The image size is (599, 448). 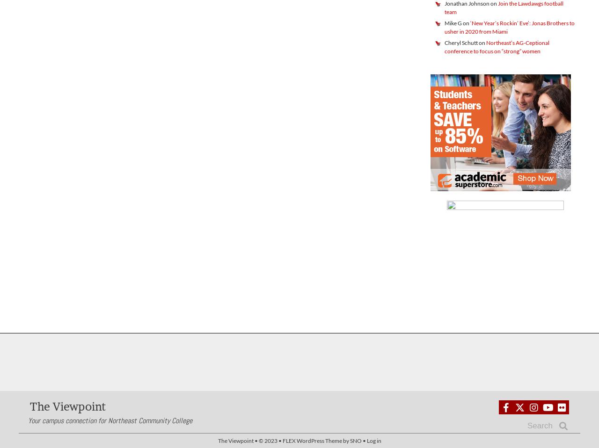 I want to click on 'Mike G', so click(x=453, y=22).